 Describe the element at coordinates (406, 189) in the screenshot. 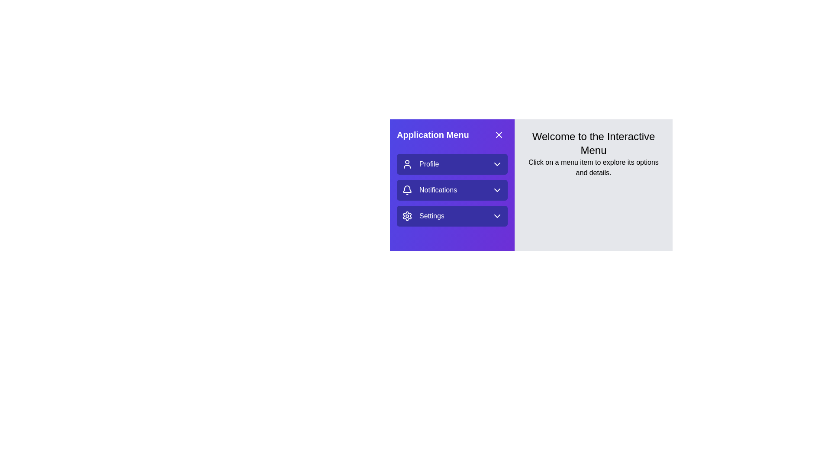

I see `the bell-shaped notification icon outlined with a white stroke on a purple background, located in the notifications menu to the left of the text 'Notifications'` at that location.